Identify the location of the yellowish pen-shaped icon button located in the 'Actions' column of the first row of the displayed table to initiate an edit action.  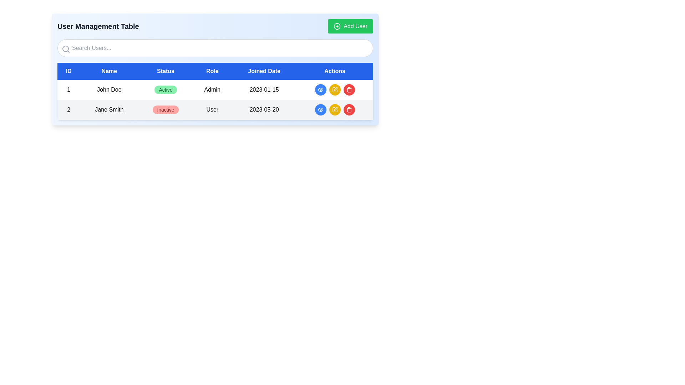
(335, 109).